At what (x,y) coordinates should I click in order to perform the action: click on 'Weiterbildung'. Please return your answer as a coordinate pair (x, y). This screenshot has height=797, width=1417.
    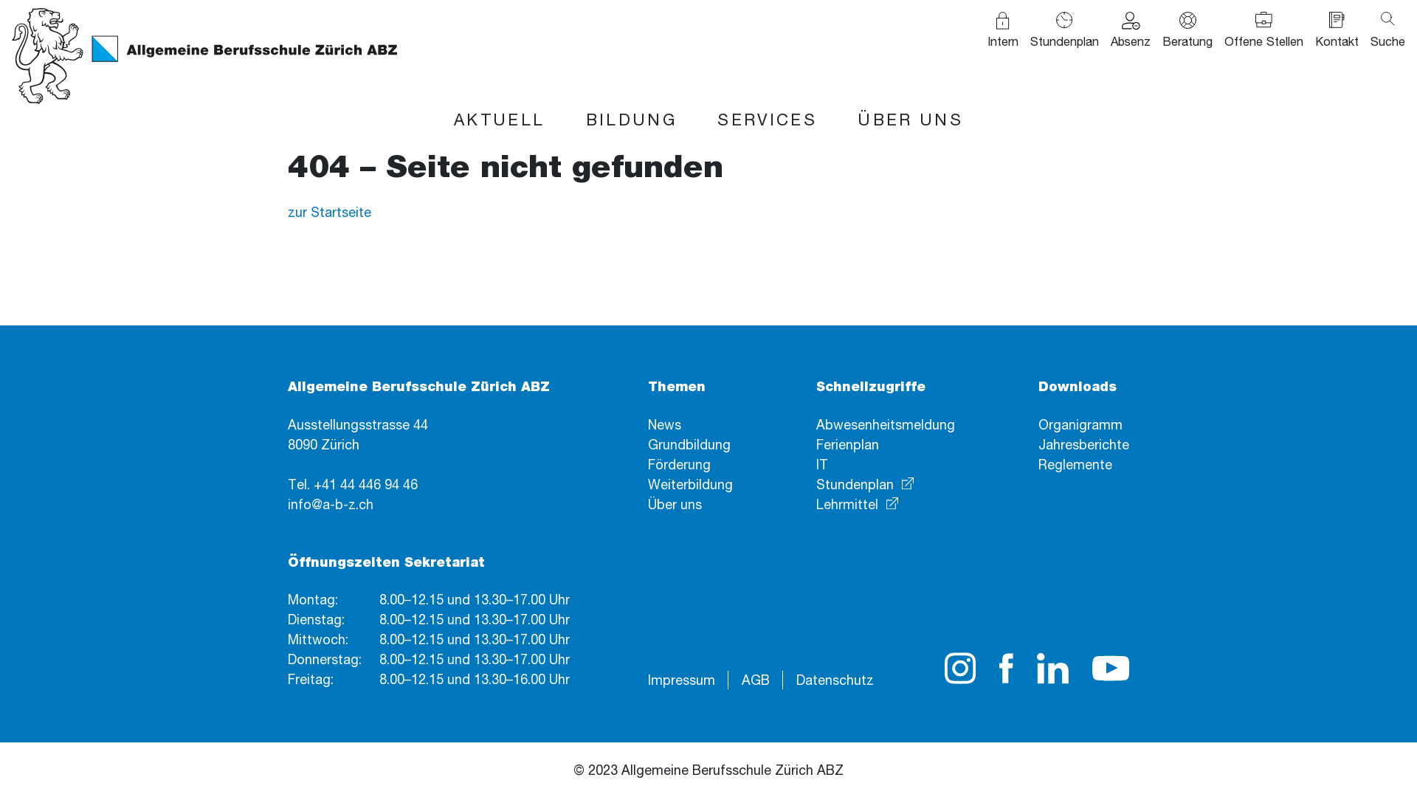
    Looking at the image, I should click on (689, 483).